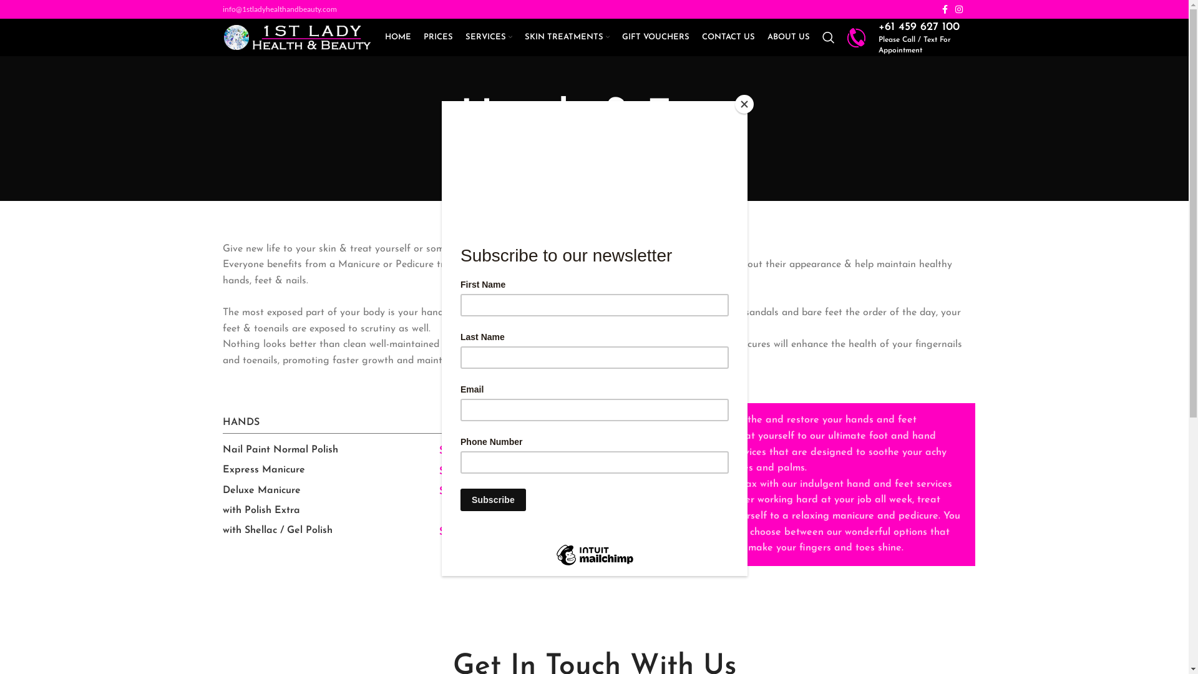  What do you see at coordinates (655, 37) in the screenshot?
I see `'GIFT VOUCHERS'` at bounding box center [655, 37].